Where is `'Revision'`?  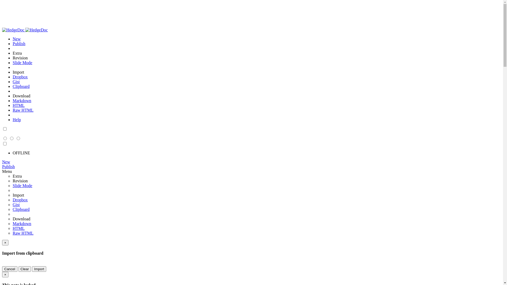 'Revision' is located at coordinates (20, 58).